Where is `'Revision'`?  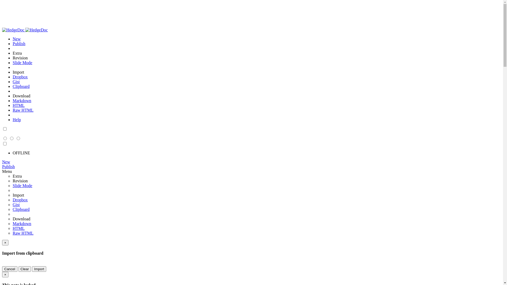 'Revision' is located at coordinates (20, 58).